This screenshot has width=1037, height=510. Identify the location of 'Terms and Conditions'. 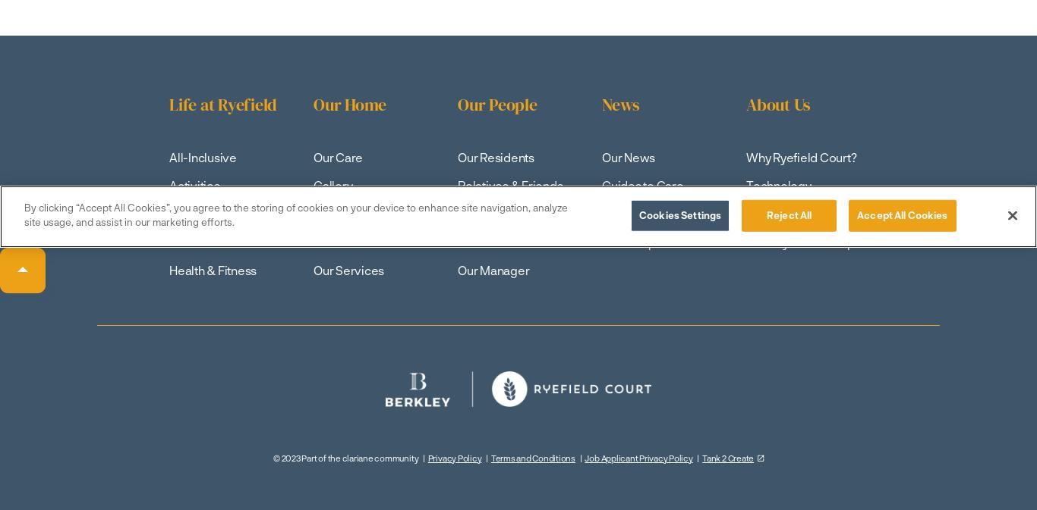
(532, 457).